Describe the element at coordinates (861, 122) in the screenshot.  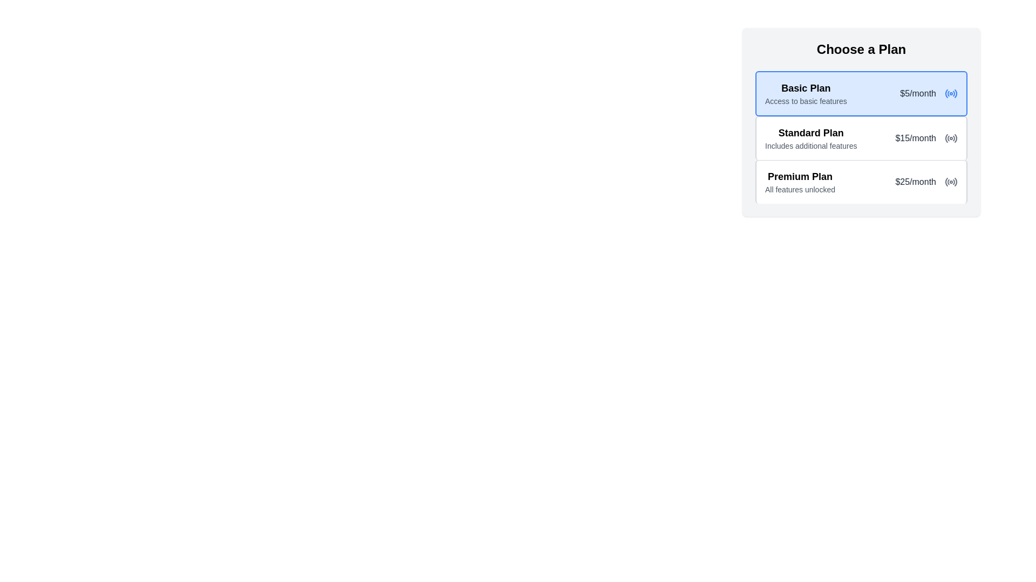
I see `the 'Standard Plan' option in the selectable list item` at that location.